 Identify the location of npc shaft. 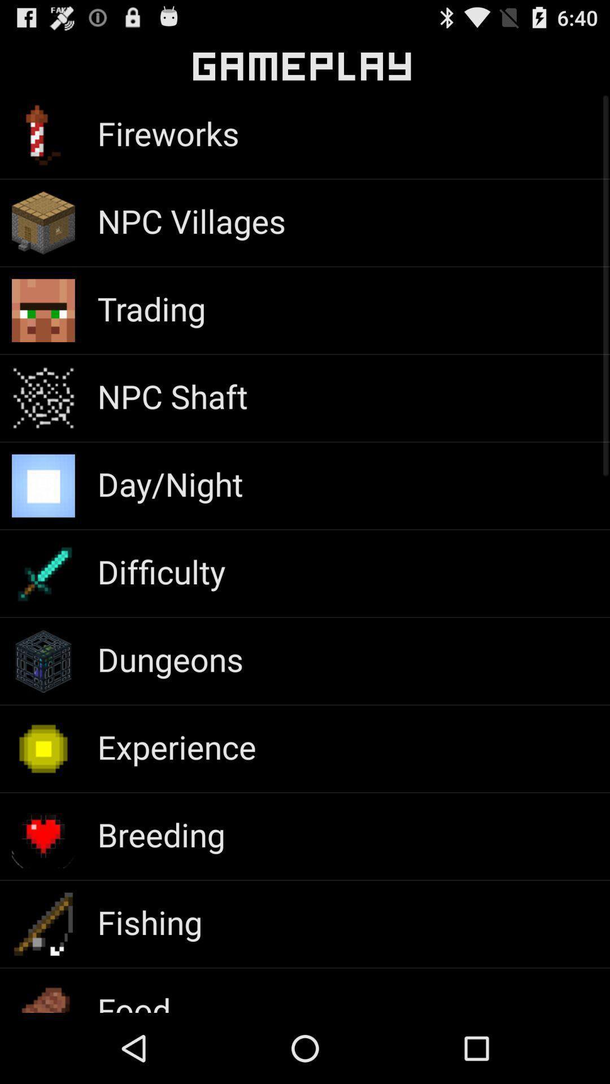
(172, 396).